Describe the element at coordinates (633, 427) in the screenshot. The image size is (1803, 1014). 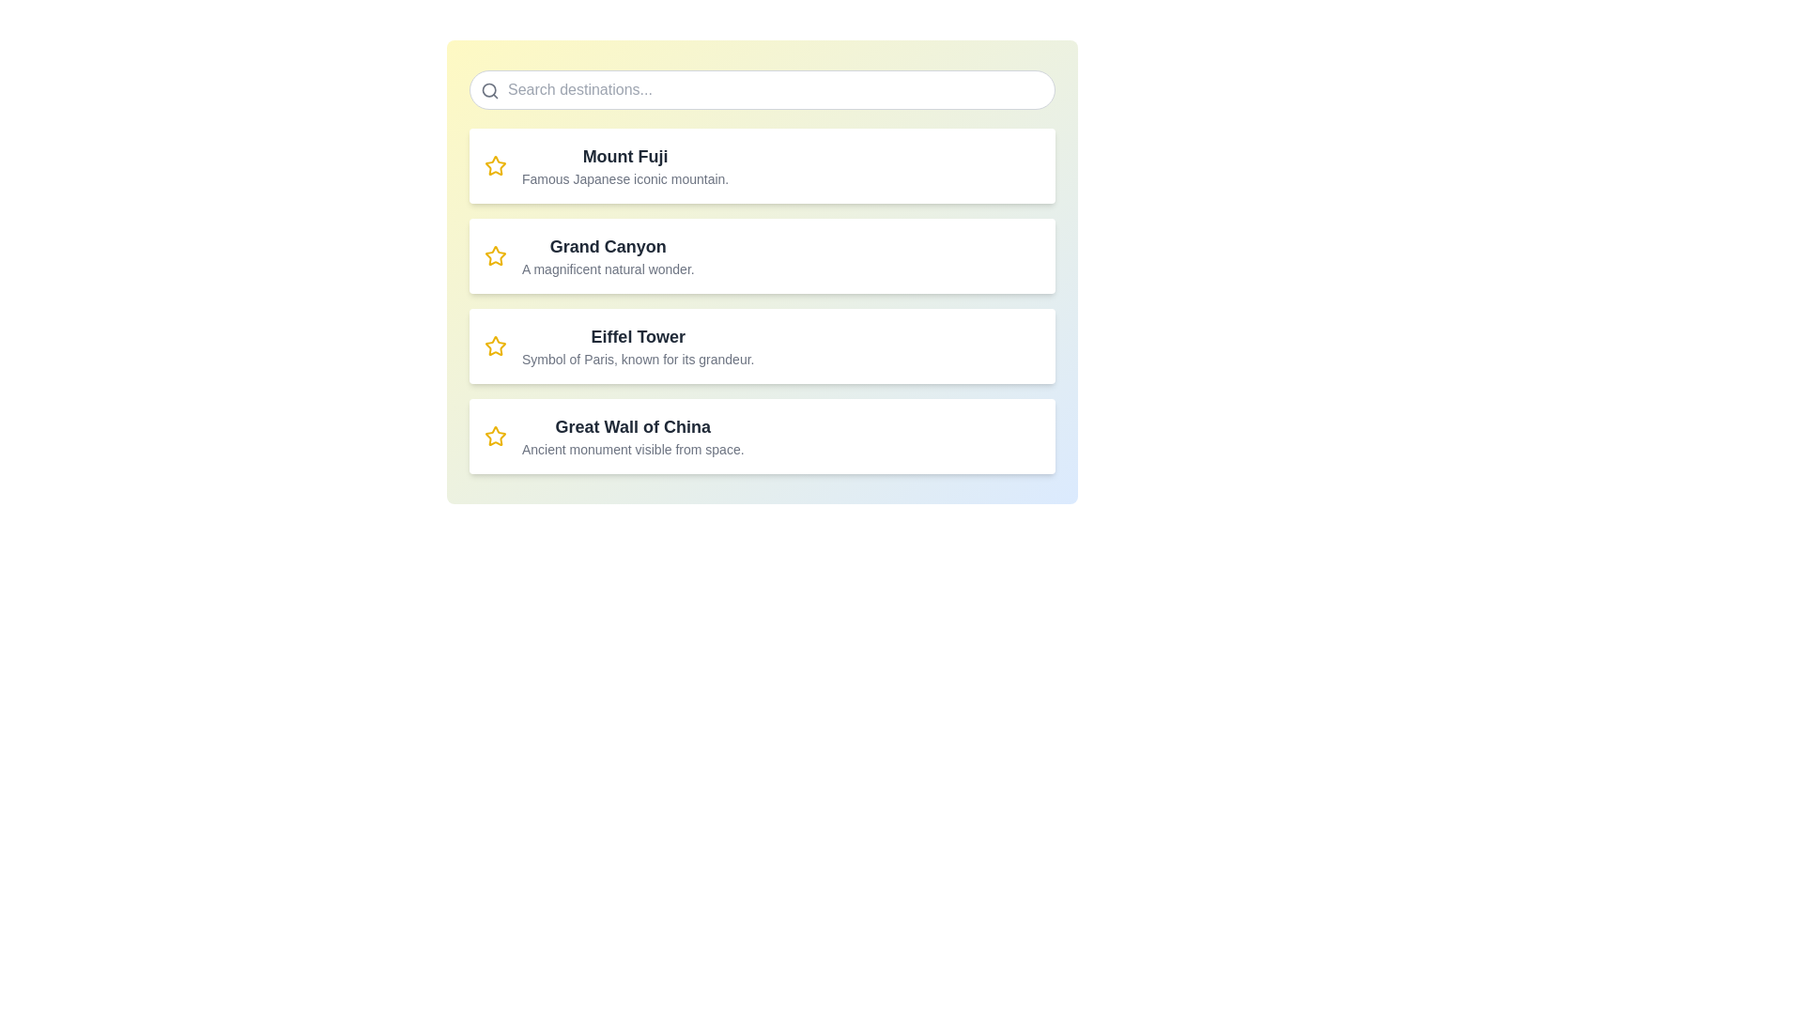
I see `the title text element for the destination 'Great Wall of China' located in the fourth item of the vertical list of destinations` at that location.